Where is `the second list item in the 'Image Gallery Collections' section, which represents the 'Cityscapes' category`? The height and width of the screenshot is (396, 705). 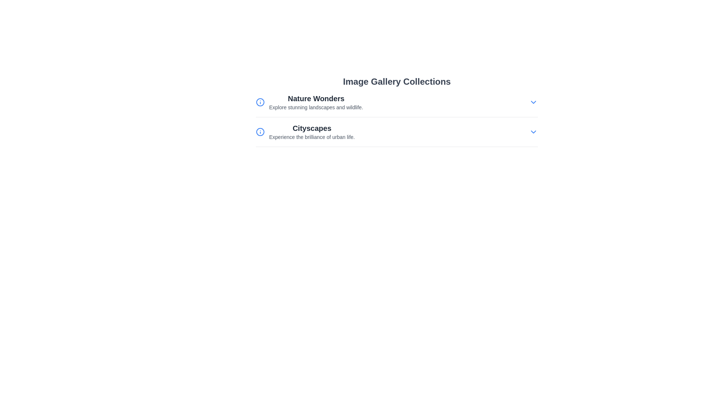
the second list item in the 'Image Gallery Collections' section, which represents the 'Cityscapes' category is located at coordinates (396, 135).